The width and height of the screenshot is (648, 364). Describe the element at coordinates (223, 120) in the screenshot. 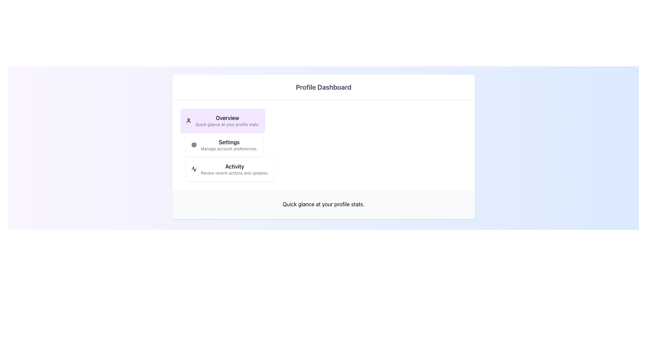

I see `the profile statistics button highlighted with a light purple background located at the top of the list under 'Profile Dashboard'` at that location.